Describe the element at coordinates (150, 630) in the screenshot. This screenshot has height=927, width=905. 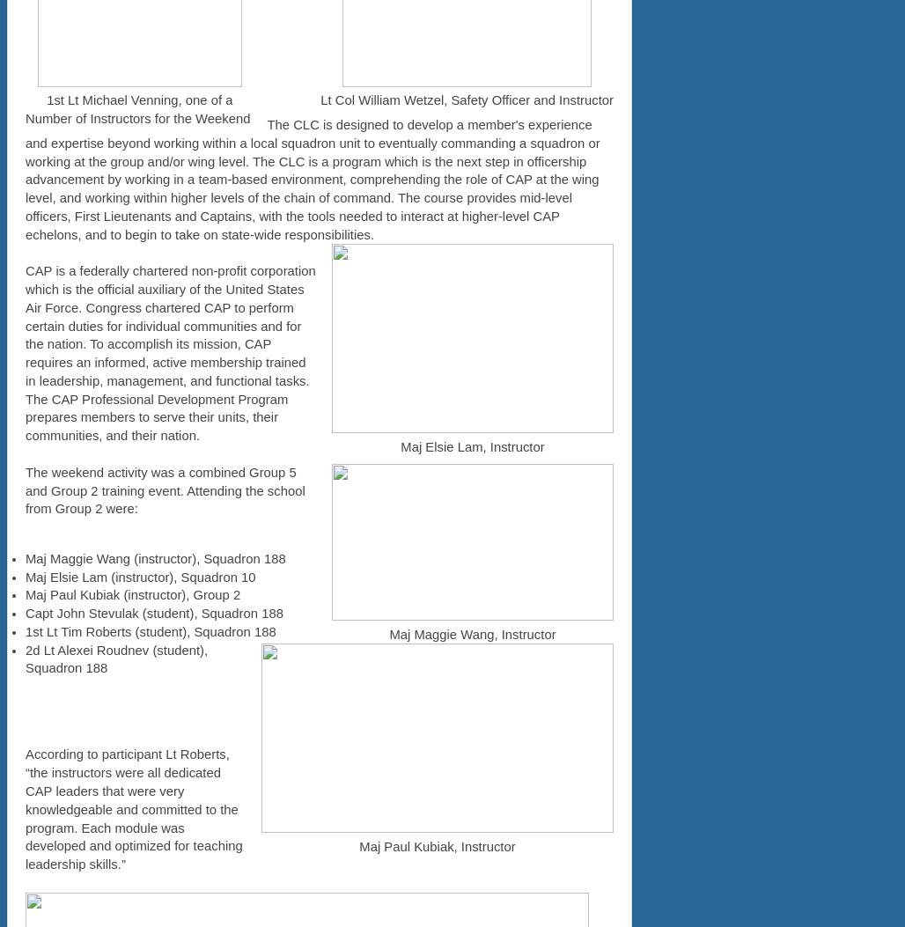
I see `'1st Lt Tim Roberts (student), Squadron 188'` at that location.